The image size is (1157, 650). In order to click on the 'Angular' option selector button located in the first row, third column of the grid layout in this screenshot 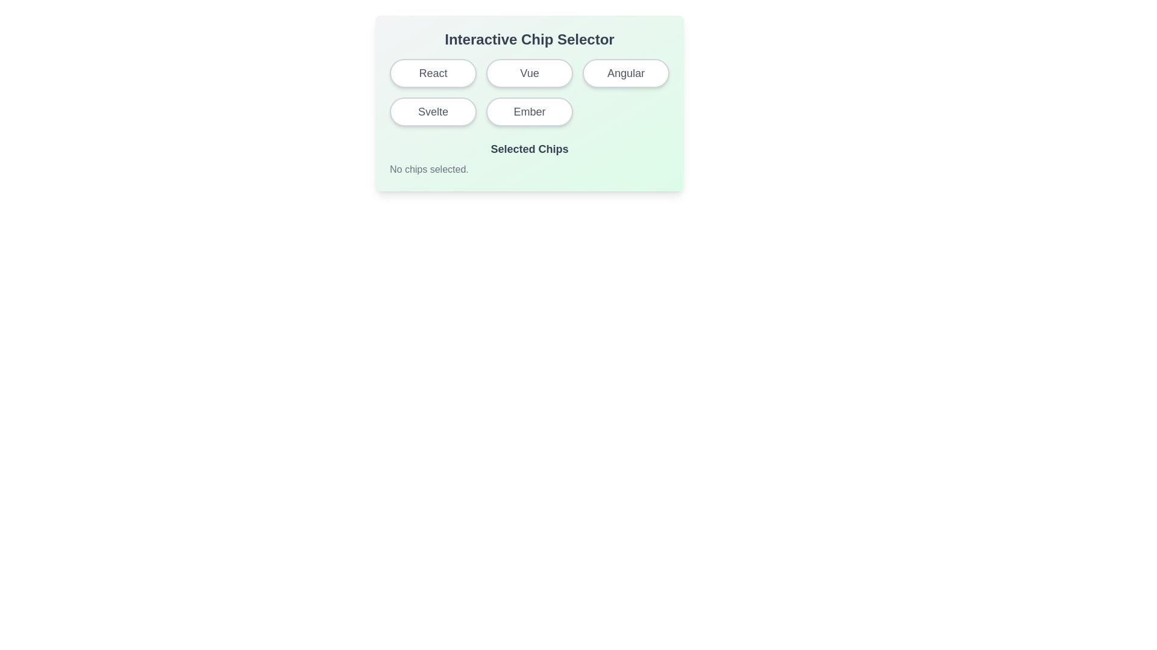, I will do `click(626, 73)`.